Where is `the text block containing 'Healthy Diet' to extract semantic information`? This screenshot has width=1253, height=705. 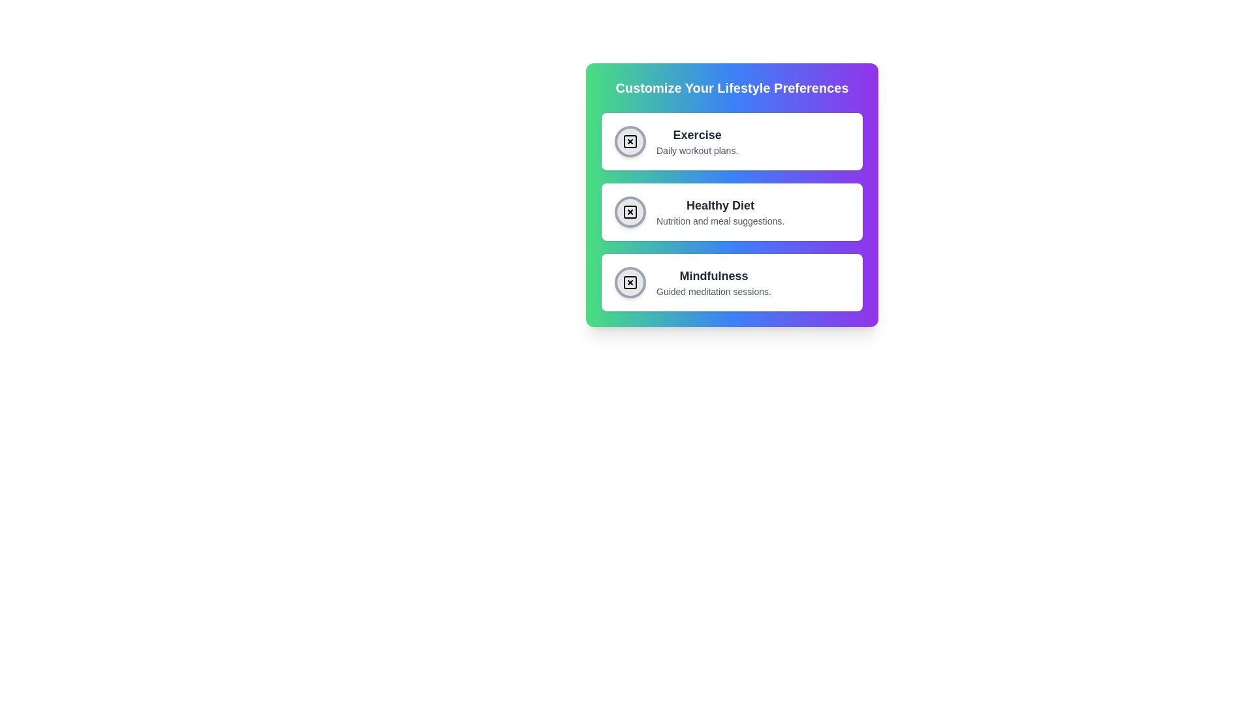 the text block containing 'Healthy Diet' to extract semantic information is located at coordinates (720, 211).